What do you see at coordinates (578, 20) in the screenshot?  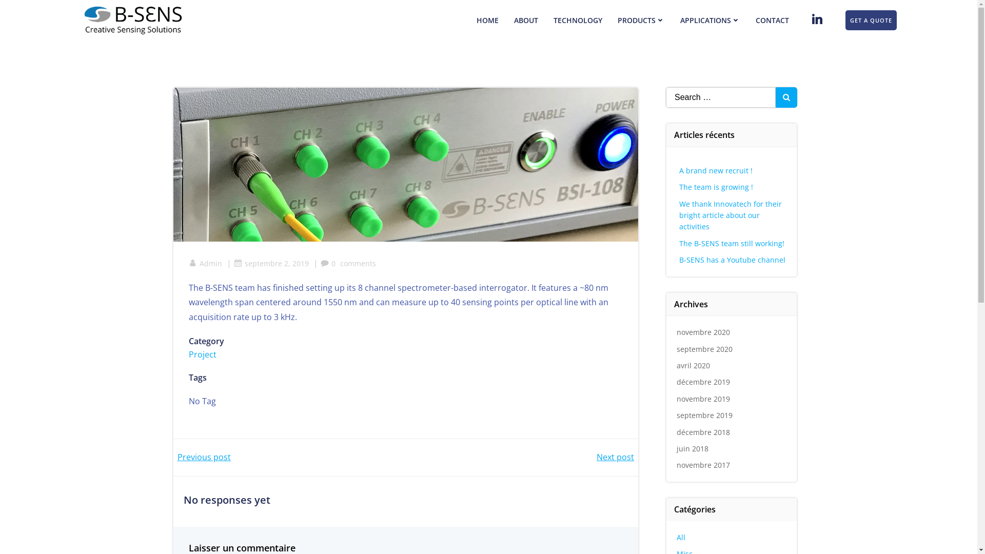 I see `'TECHNOLOGY'` at bounding box center [578, 20].